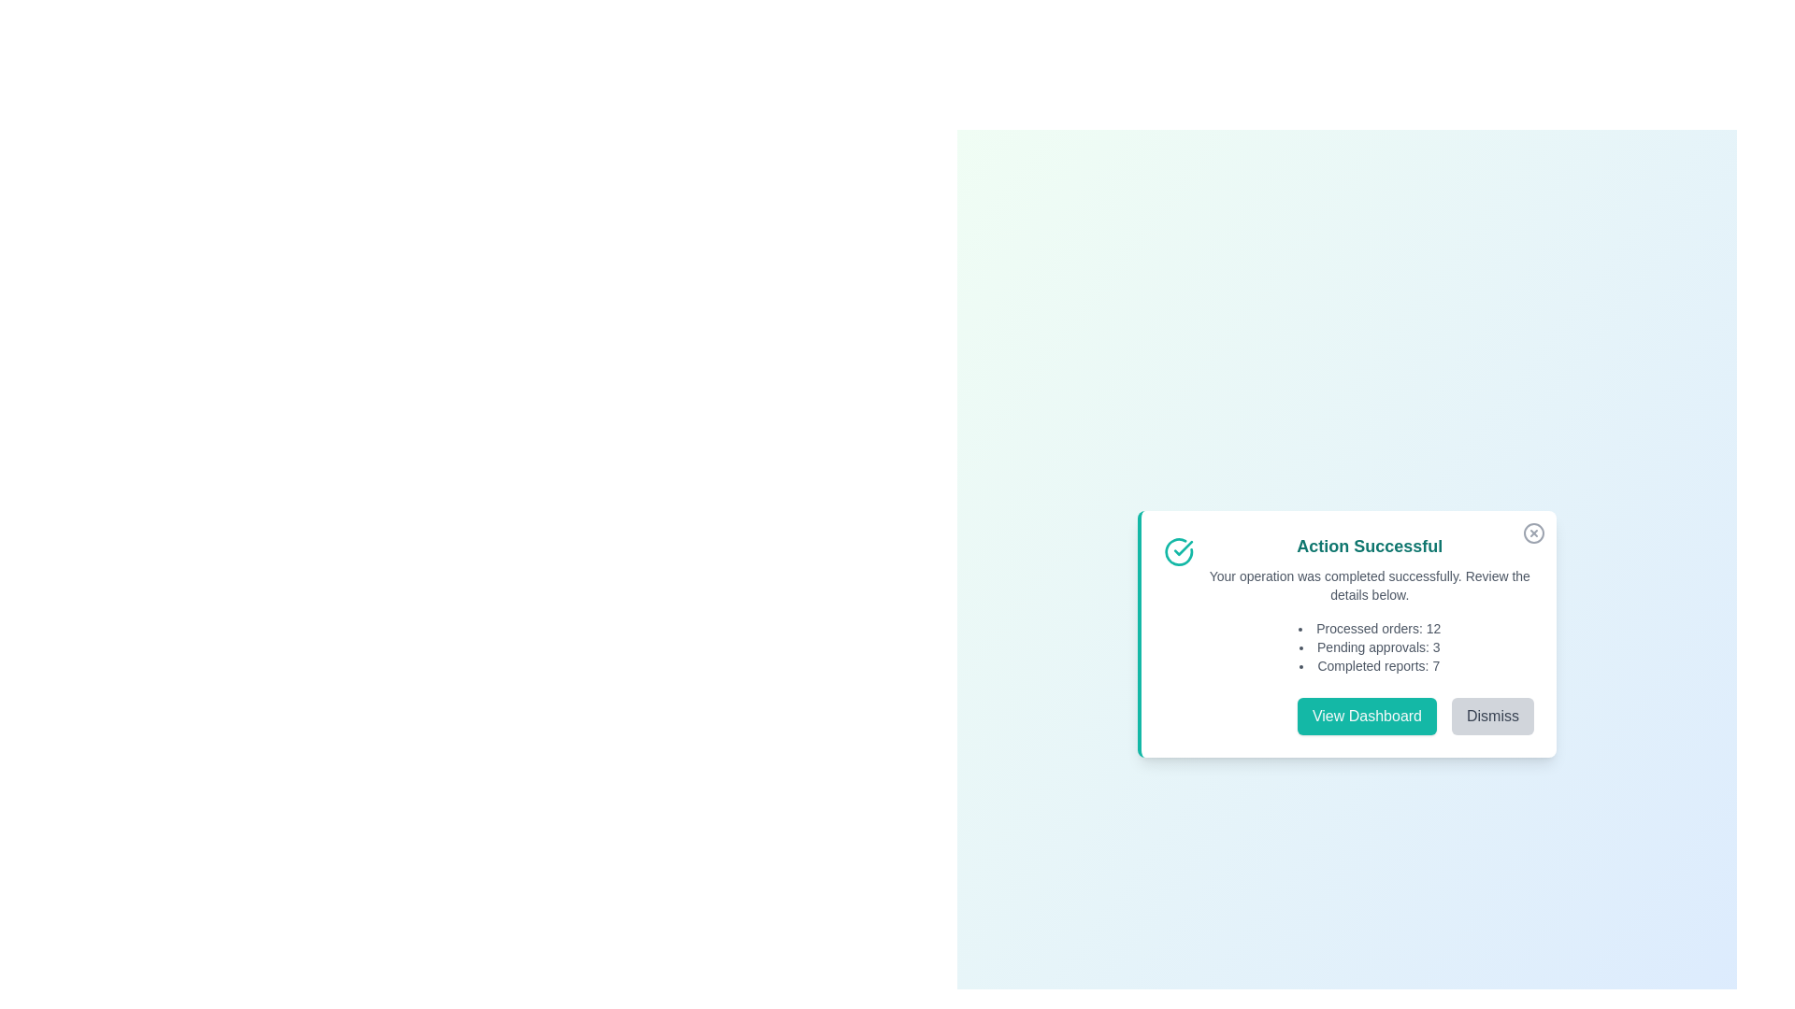 This screenshot has height=1009, width=1795. Describe the element at coordinates (1492, 716) in the screenshot. I see `the 'Dismiss' button to hide the notification` at that location.